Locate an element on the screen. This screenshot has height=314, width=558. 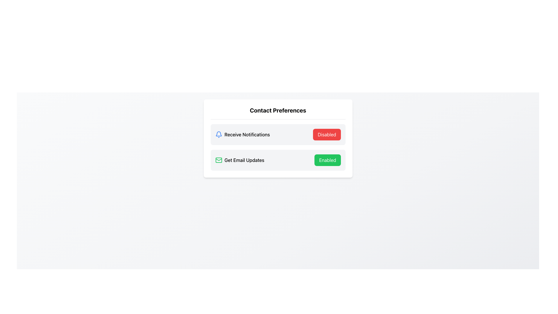
the bell icon representing the notification setting located to the left of the 'Receive Notifications' label in the preferences layout is located at coordinates (218, 134).